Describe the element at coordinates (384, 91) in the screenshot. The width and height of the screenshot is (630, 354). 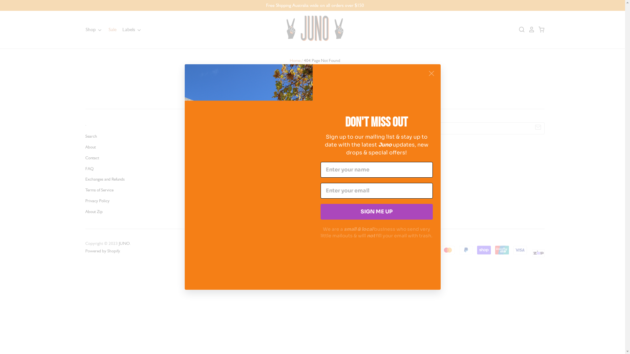
I see `'products'` at that location.